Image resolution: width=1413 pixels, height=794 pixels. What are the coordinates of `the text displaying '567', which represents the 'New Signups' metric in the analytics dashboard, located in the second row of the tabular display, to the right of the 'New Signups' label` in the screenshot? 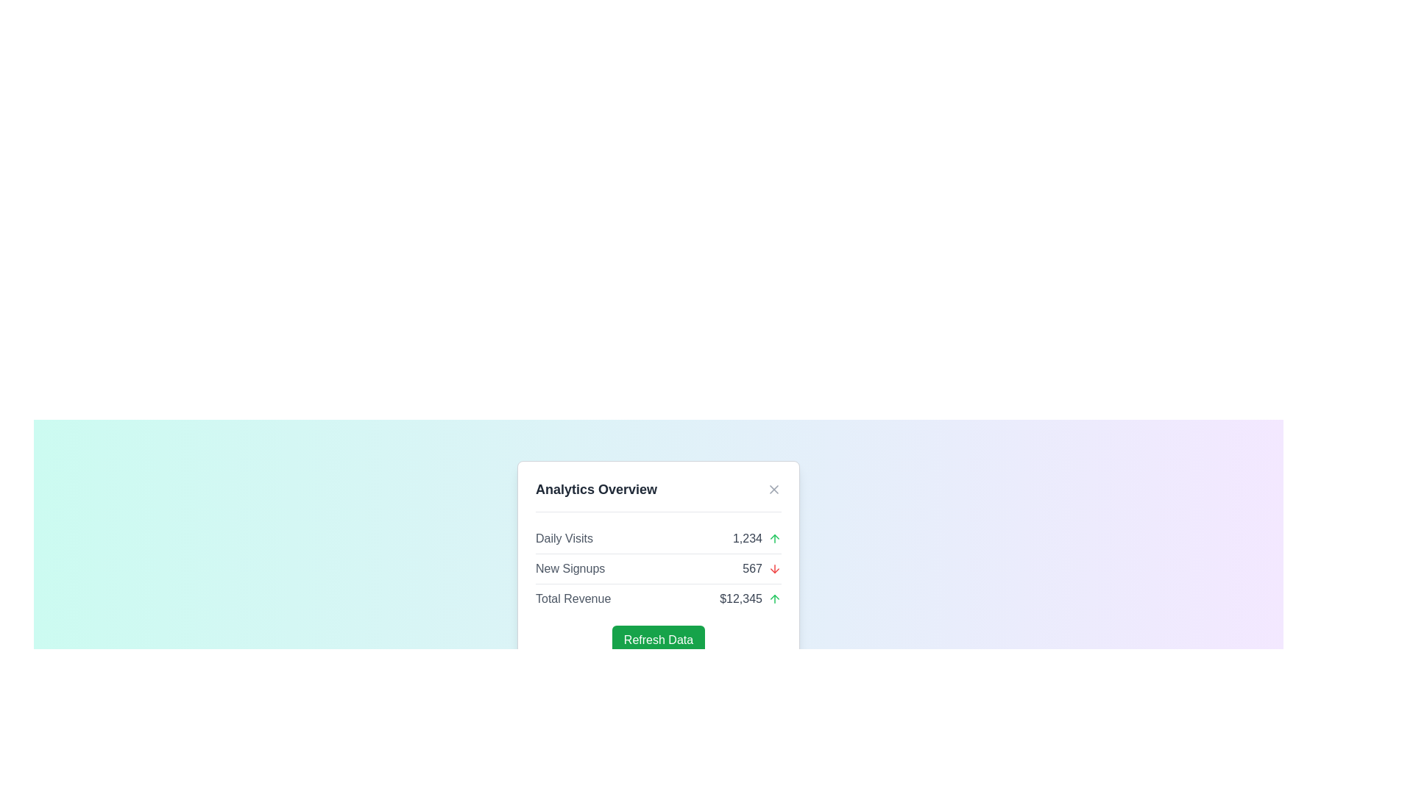 It's located at (752, 568).